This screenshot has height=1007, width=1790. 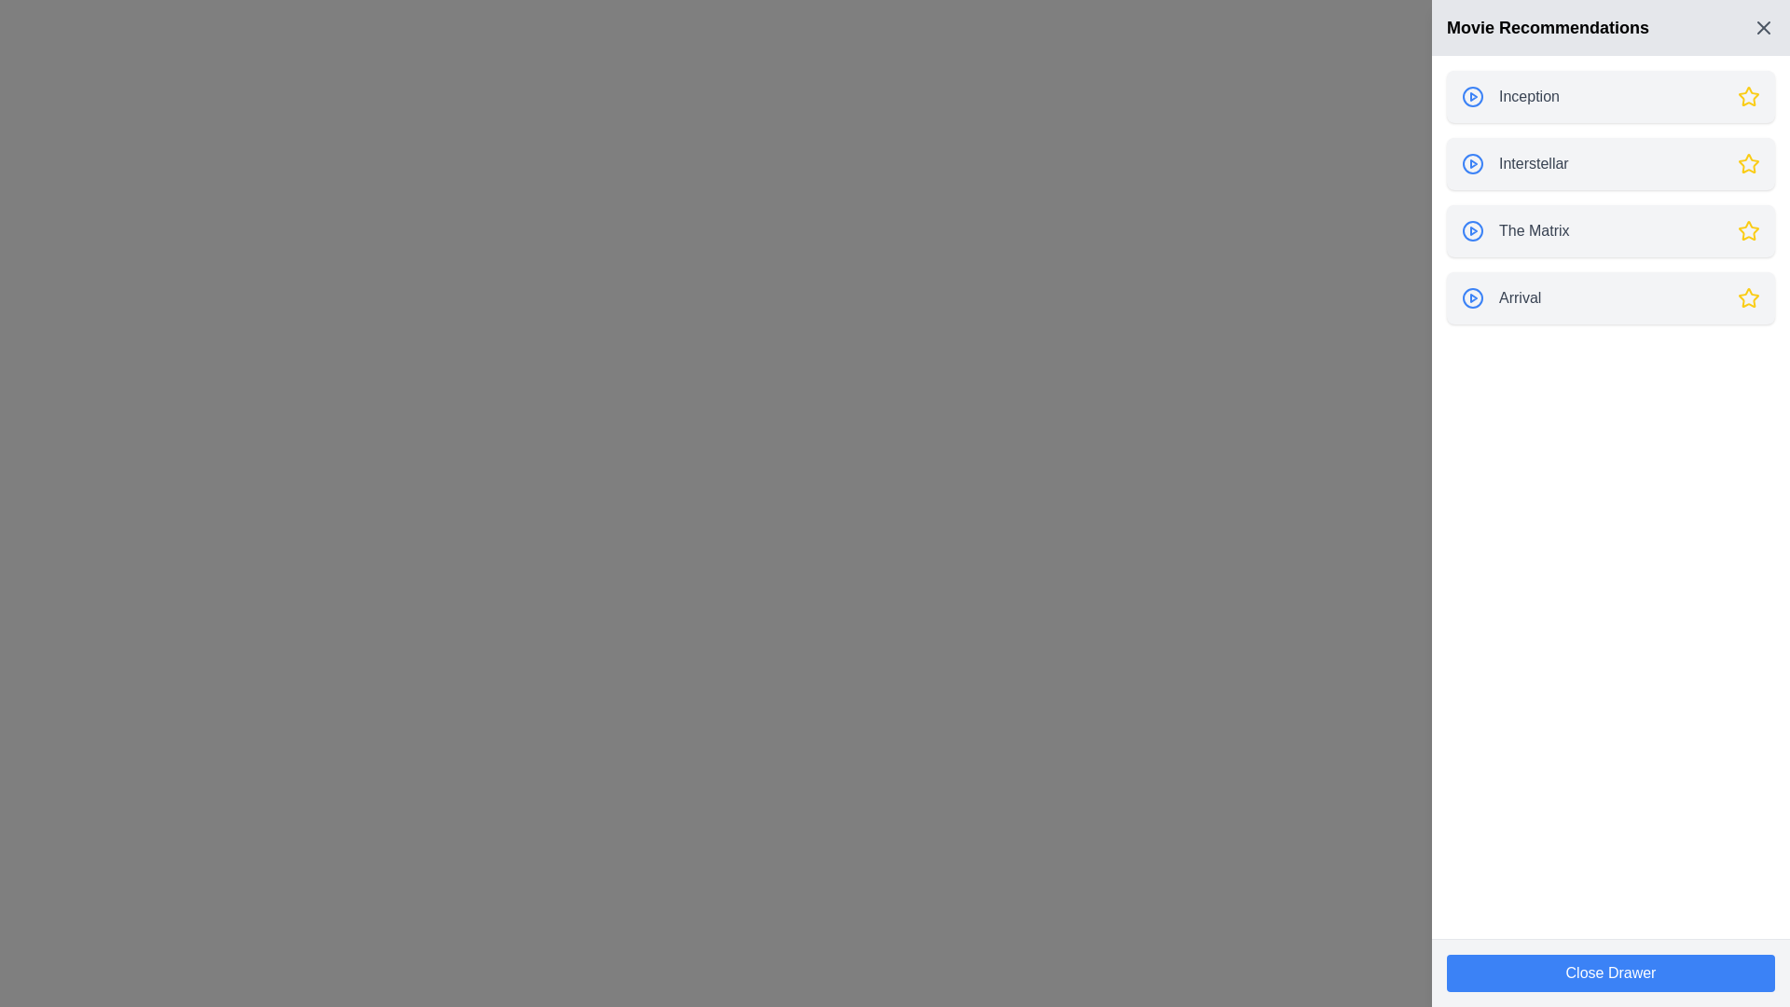 I want to click on the circular component of the SVG play button icon associated with the first movie entry 'Inception' in the 'Movie Recommendations' list, so click(x=1471, y=97).